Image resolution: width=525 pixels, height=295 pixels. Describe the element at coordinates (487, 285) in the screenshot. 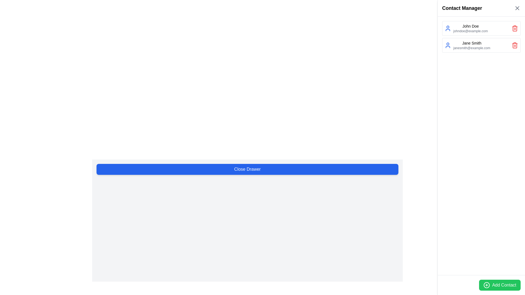

I see `the circular icon with a centered cross symbol that is located to the left of the 'Add Contact' button` at that location.